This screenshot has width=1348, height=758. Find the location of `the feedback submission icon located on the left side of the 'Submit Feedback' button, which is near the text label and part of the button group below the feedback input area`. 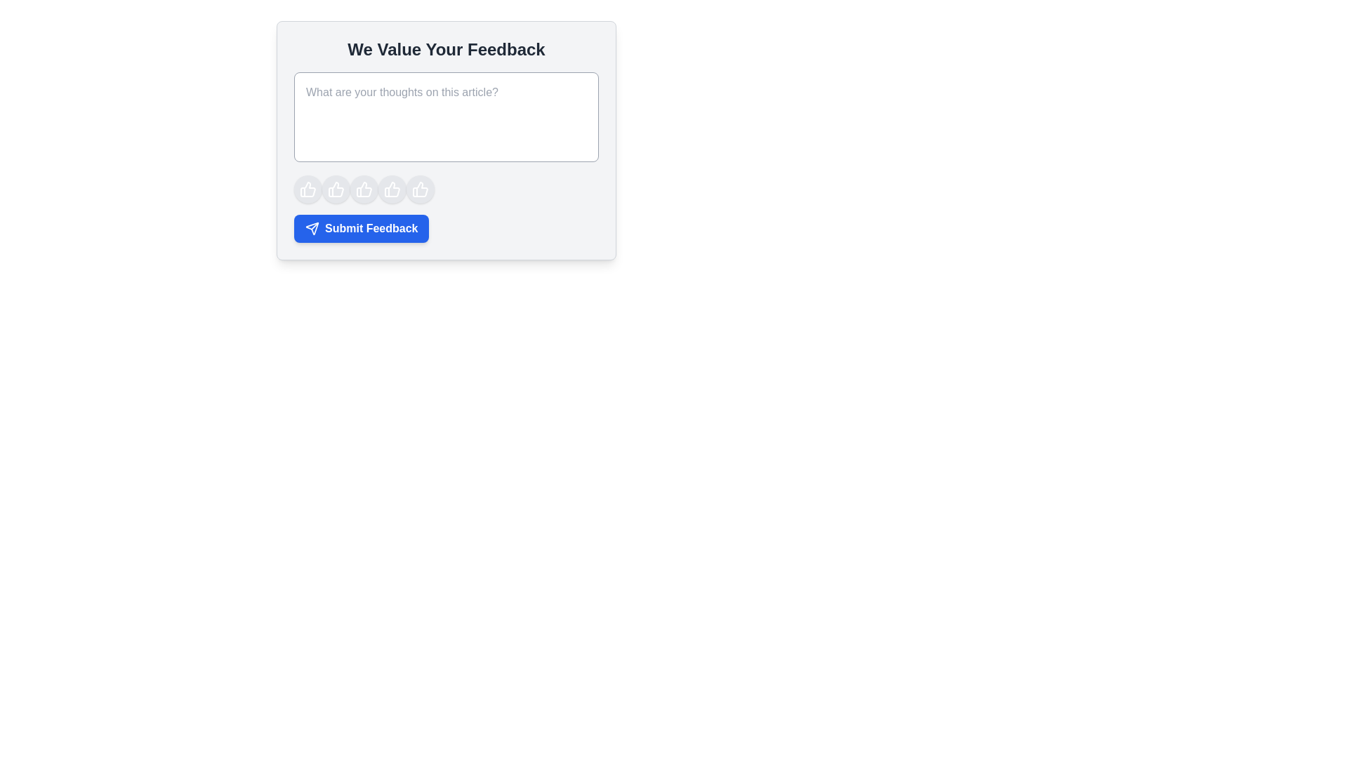

the feedback submission icon located on the left side of the 'Submit Feedback' button, which is near the text label and part of the button group below the feedback input area is located at coordinates (312, 228).